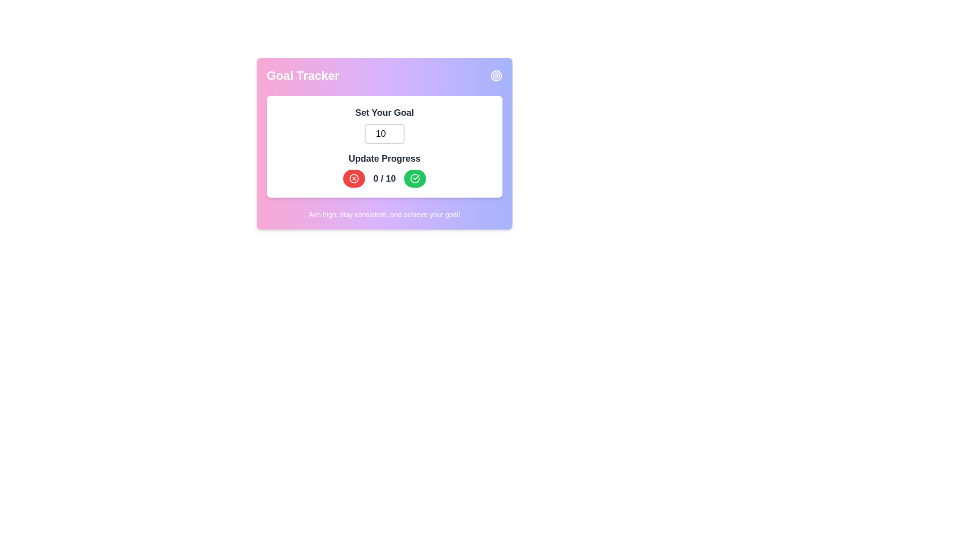  Describe the element at coordinates (496, 75) in the screenshot. I see `the decorative icon located in the top-right corner of the 'Goal Tracker' component, which symbolizes a goal or target` at that location.